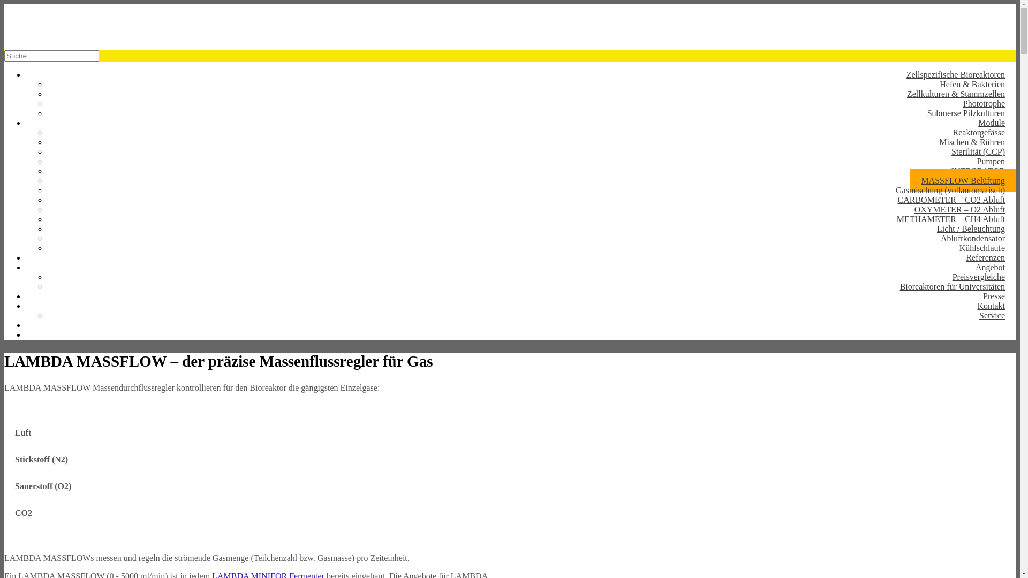 This screenshot has height=578, width=1028. I want to click on 'Referenzen', so click(985, 257).